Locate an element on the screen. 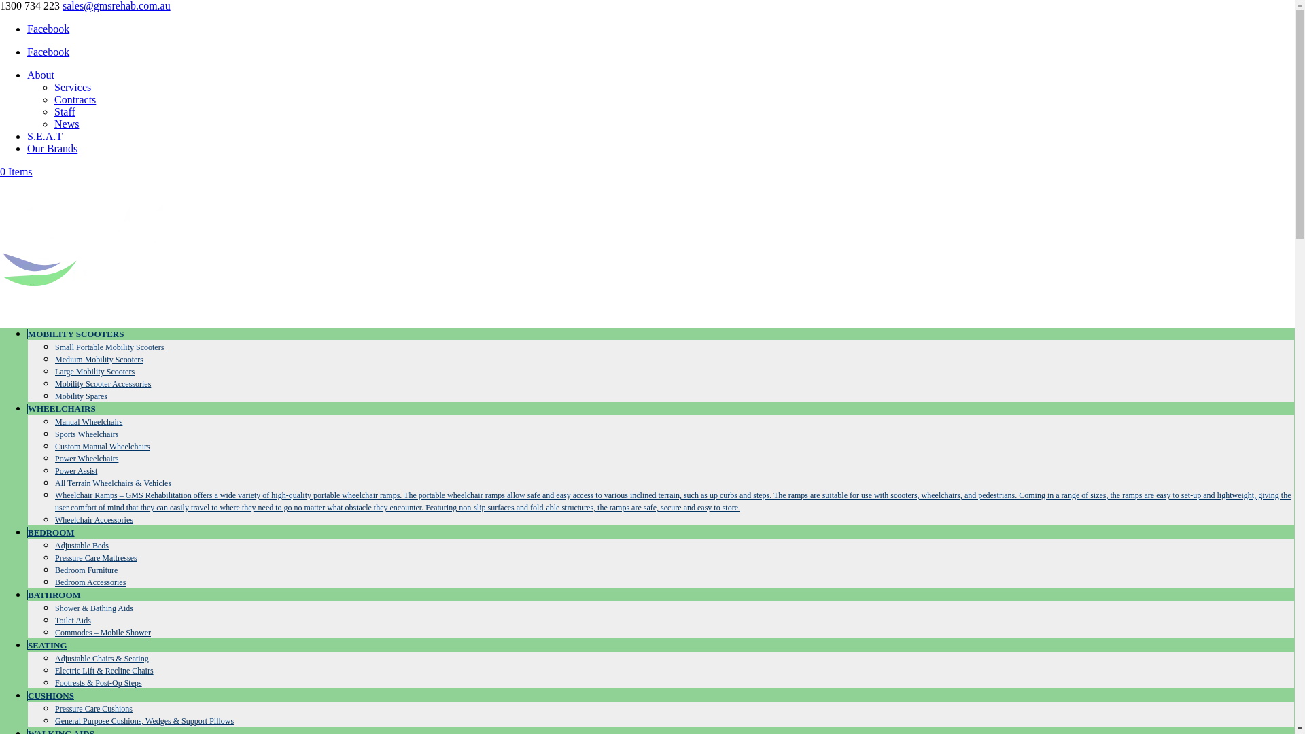 This screenshot has width=1305, height=734. 'S.E.A.T' is located at coordinates (45, 136).